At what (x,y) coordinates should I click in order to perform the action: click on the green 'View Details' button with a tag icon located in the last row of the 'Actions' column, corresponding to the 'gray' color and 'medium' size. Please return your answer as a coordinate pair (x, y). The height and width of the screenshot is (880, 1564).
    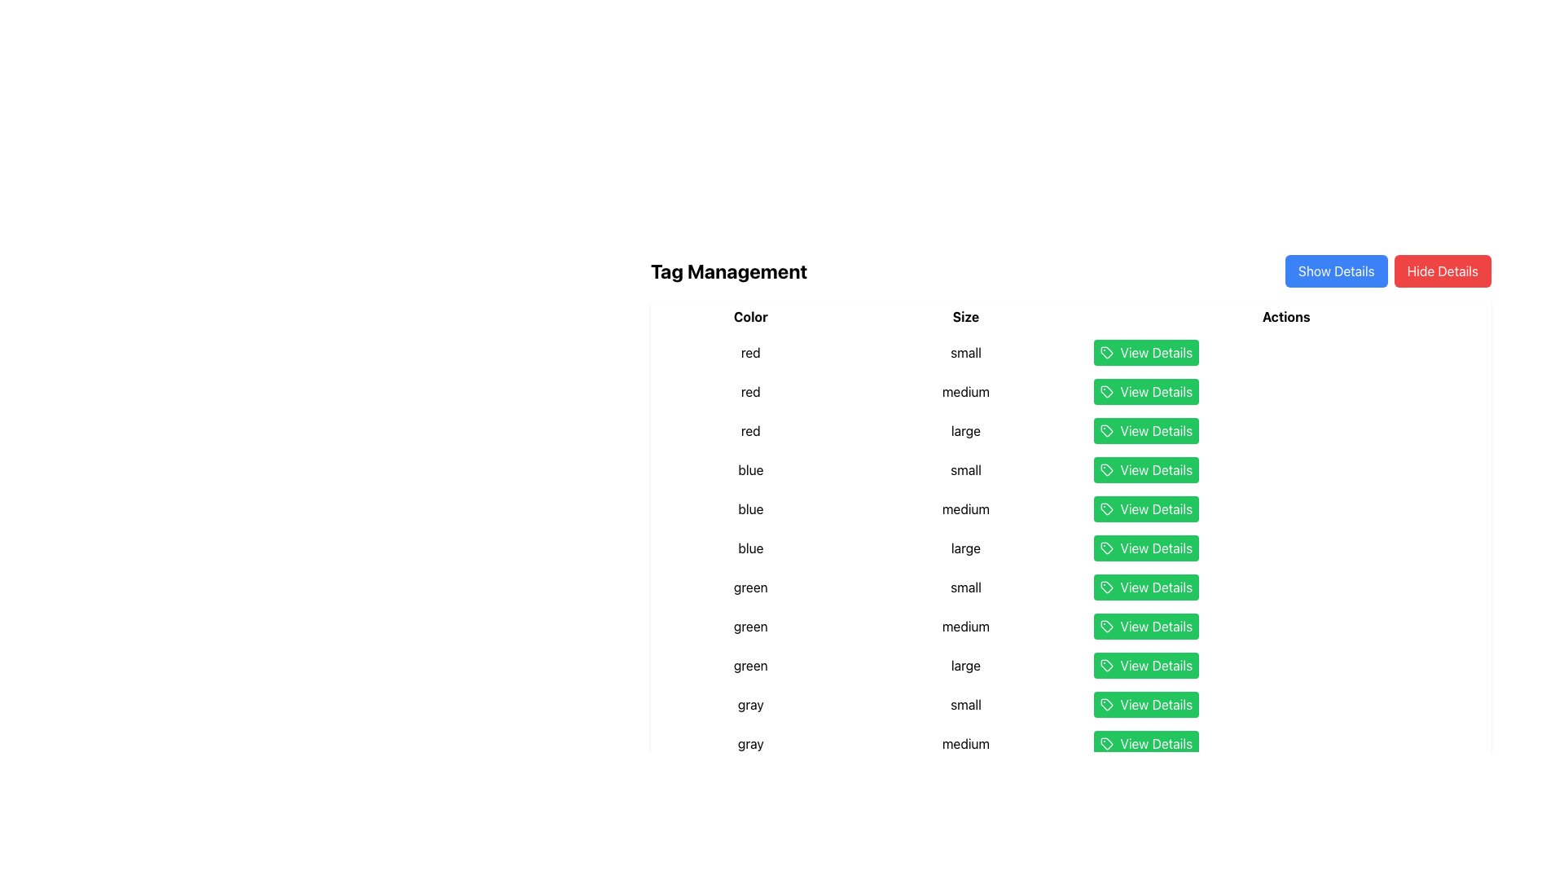
    Looking at the image, I should click on (1145, 744).